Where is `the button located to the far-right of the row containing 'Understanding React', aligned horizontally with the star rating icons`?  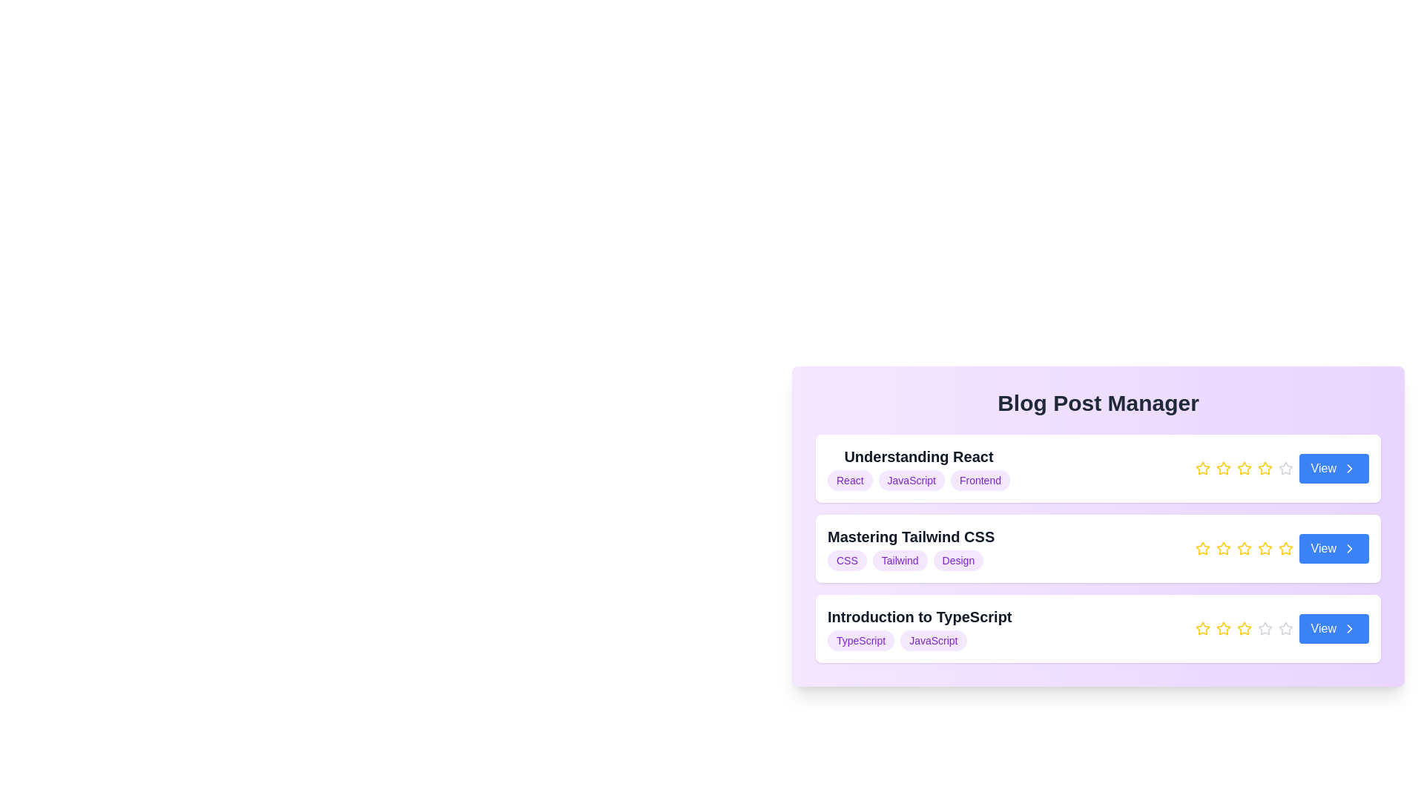 the button located to the far-right of the row containing 'Understanding React', aligned horizontally with the star rating icons is located at coordinates (1334, 469).